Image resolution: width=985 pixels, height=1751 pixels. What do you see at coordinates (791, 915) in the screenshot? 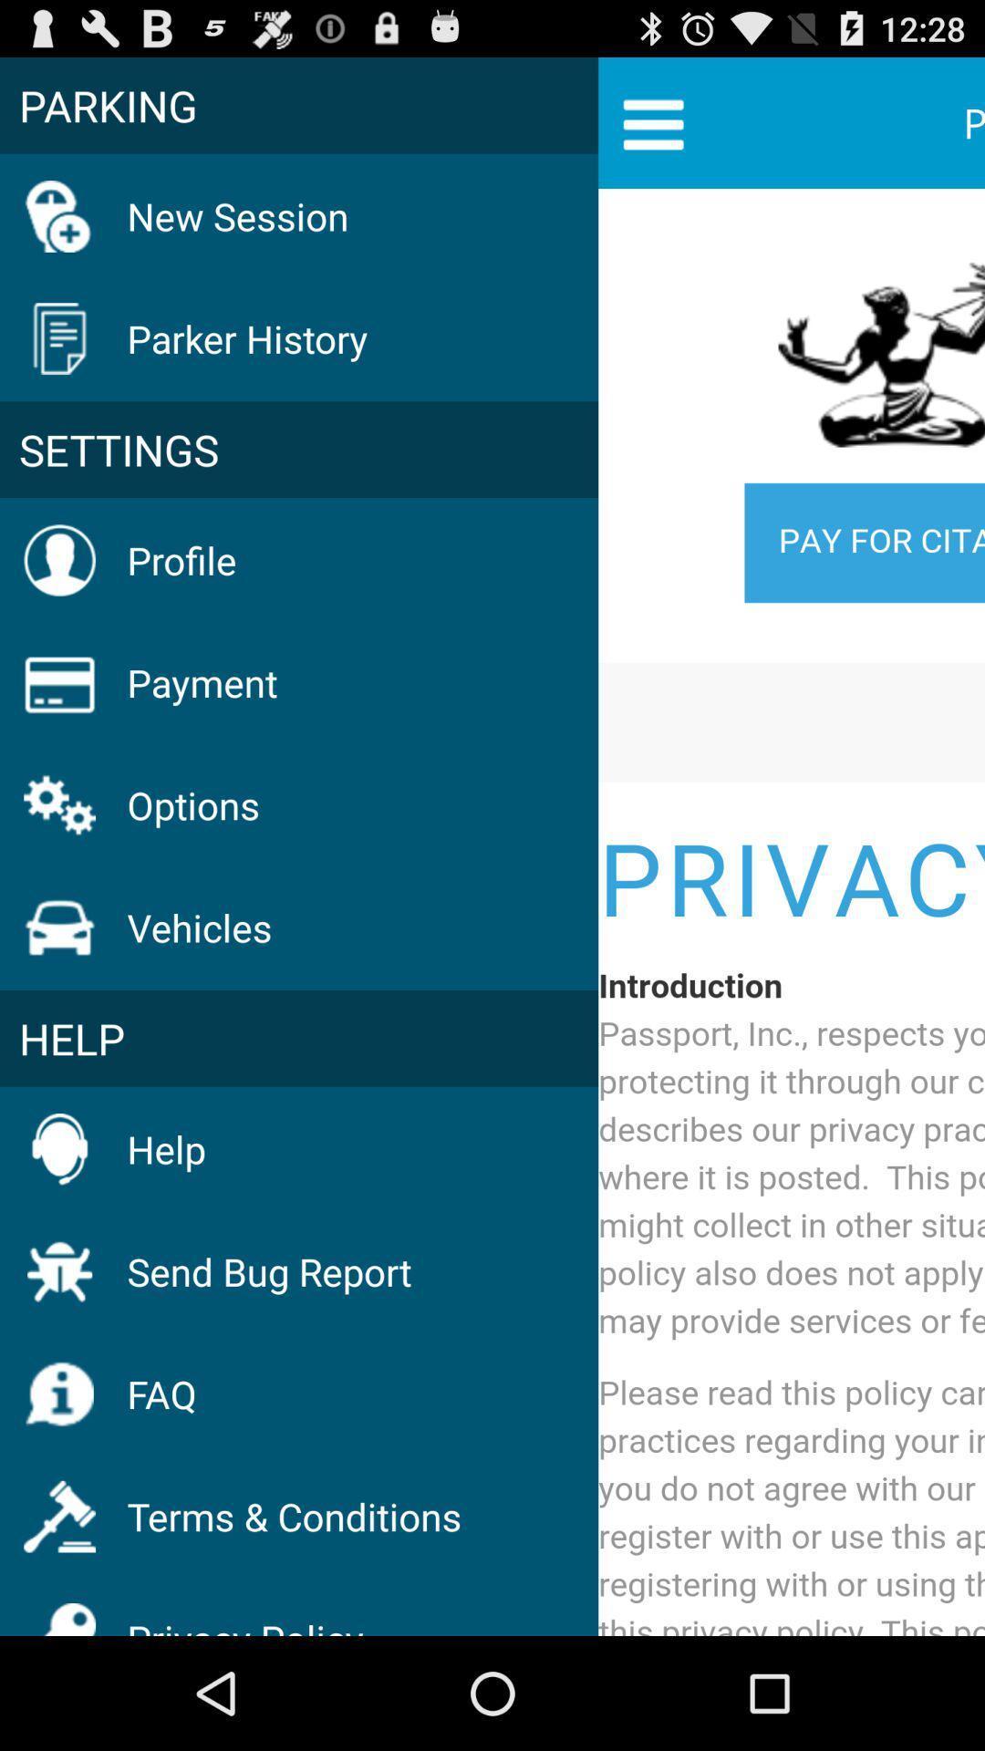
I see `google option` at bounding box center [791, 915].